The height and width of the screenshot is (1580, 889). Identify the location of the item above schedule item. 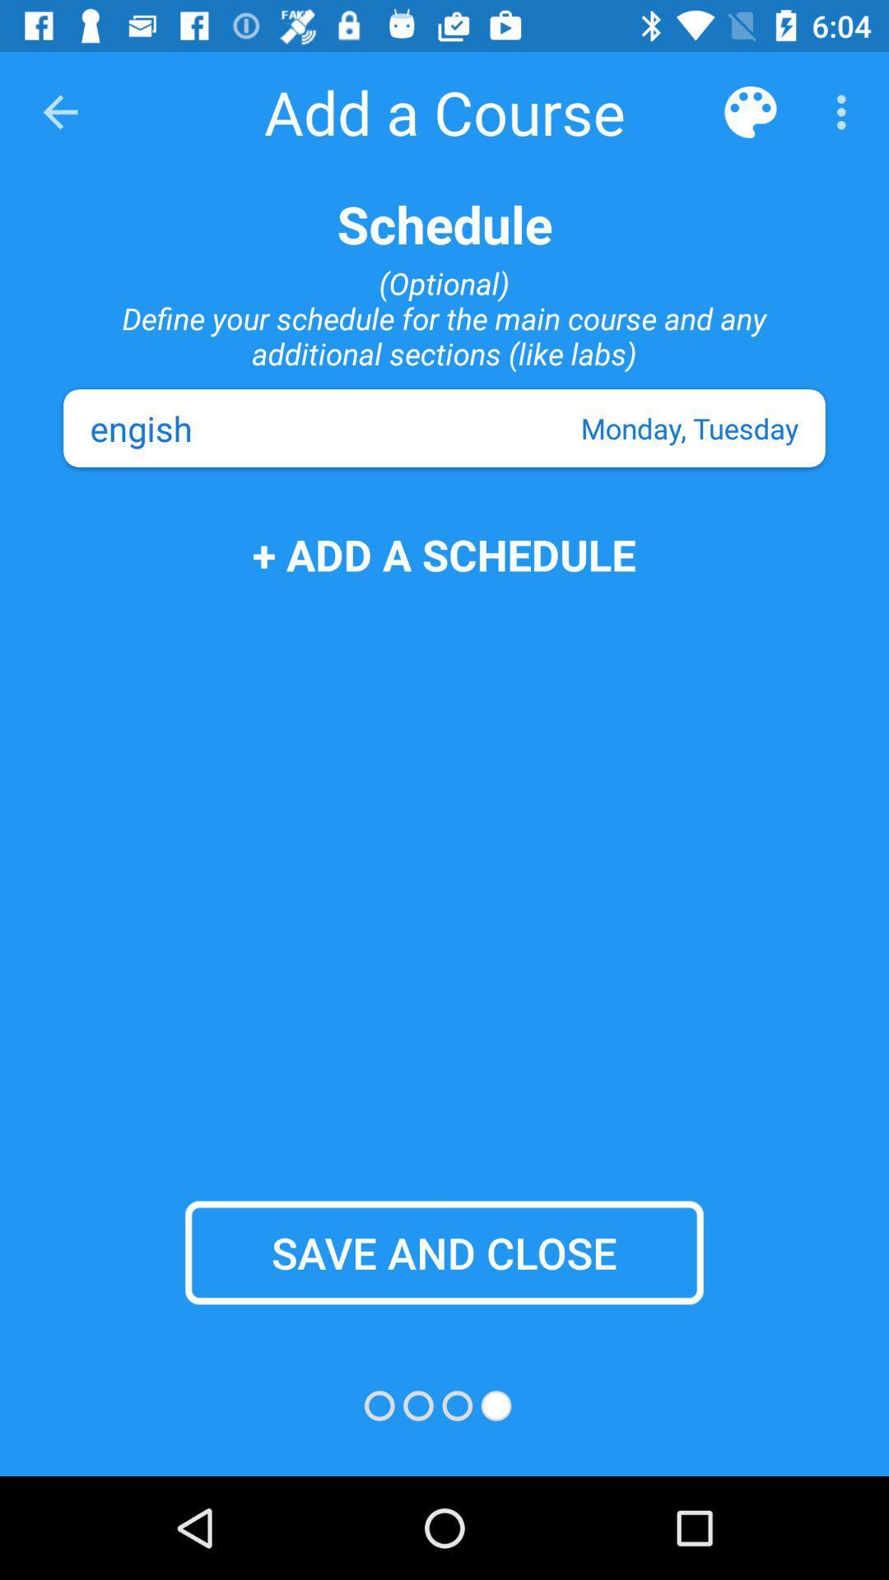
(750, 111).